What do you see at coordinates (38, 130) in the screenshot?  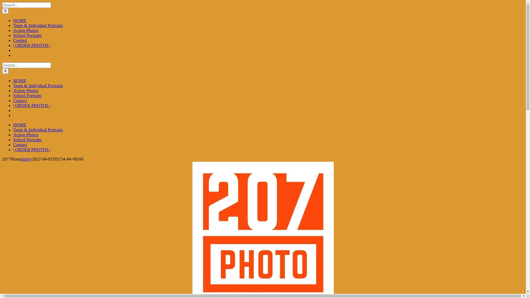 I see `'Team & Individual Portraits'` at bounding box center [38, 130].